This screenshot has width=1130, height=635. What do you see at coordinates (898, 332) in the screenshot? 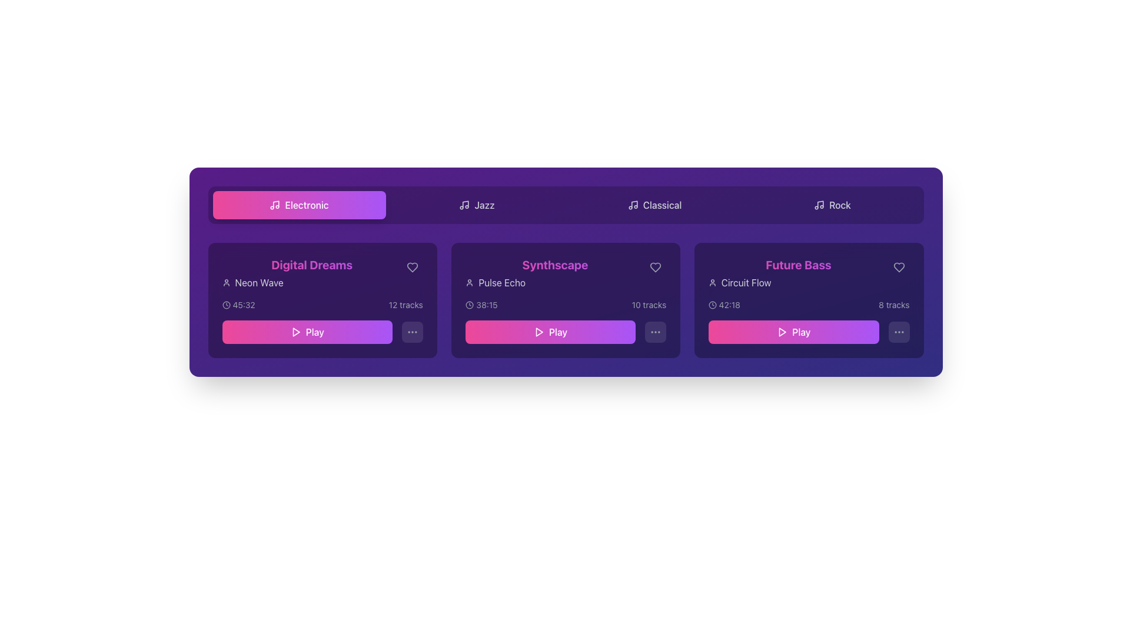
I see `the vertical ellipsis icon consisting of three small circles arranged vertically, located at the bottom right corner of the 'Future Bass' card` at bounding box center [898, 332].